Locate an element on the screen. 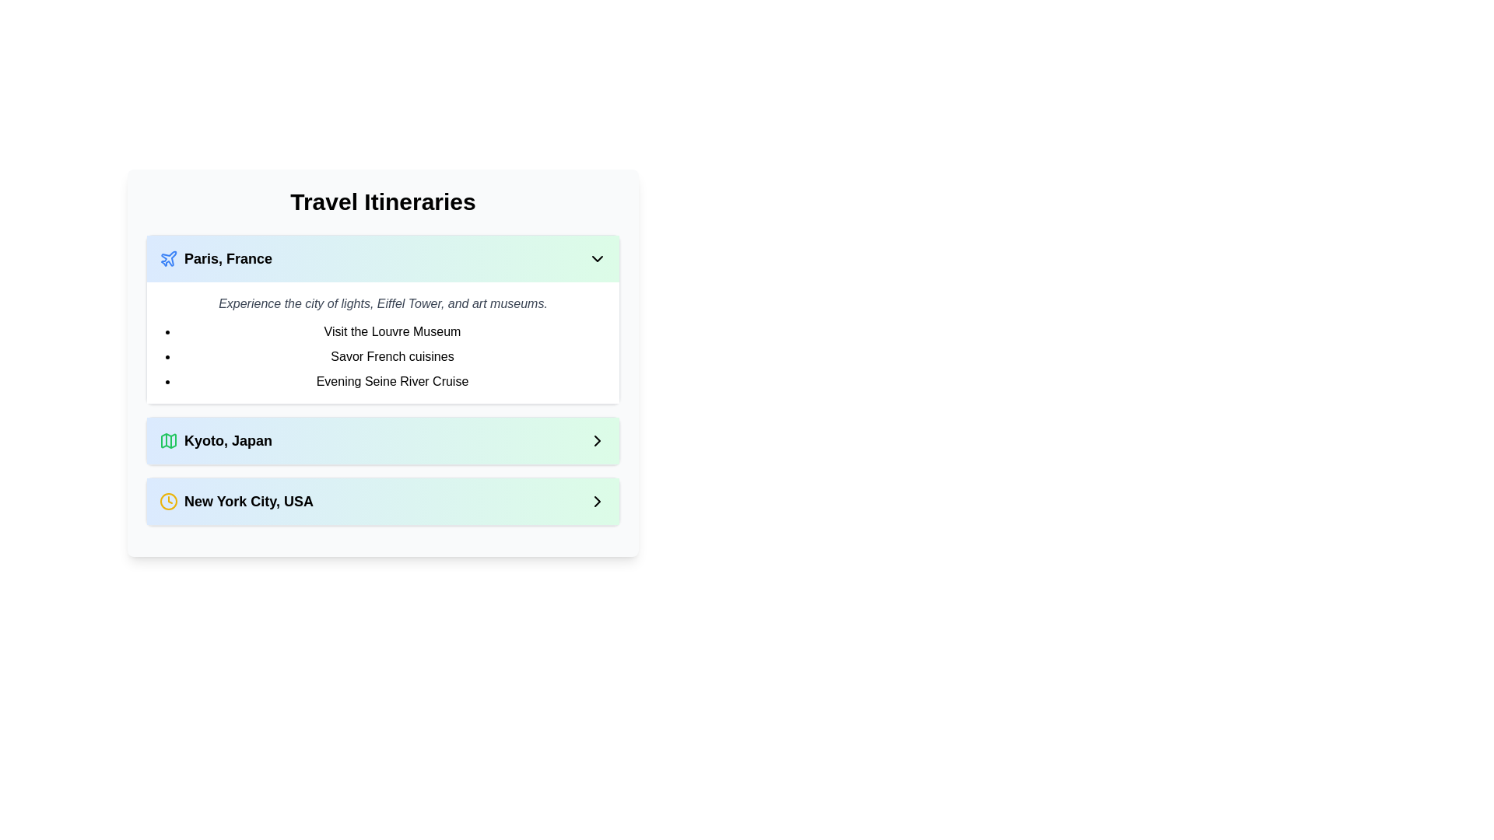 Image resolution: width=1494 pixels, height=840 pixels. the chevron icon located on the rightmost side of the 'Kyoto, Japan' button for a visual effect is located at coordinates (597, 441).